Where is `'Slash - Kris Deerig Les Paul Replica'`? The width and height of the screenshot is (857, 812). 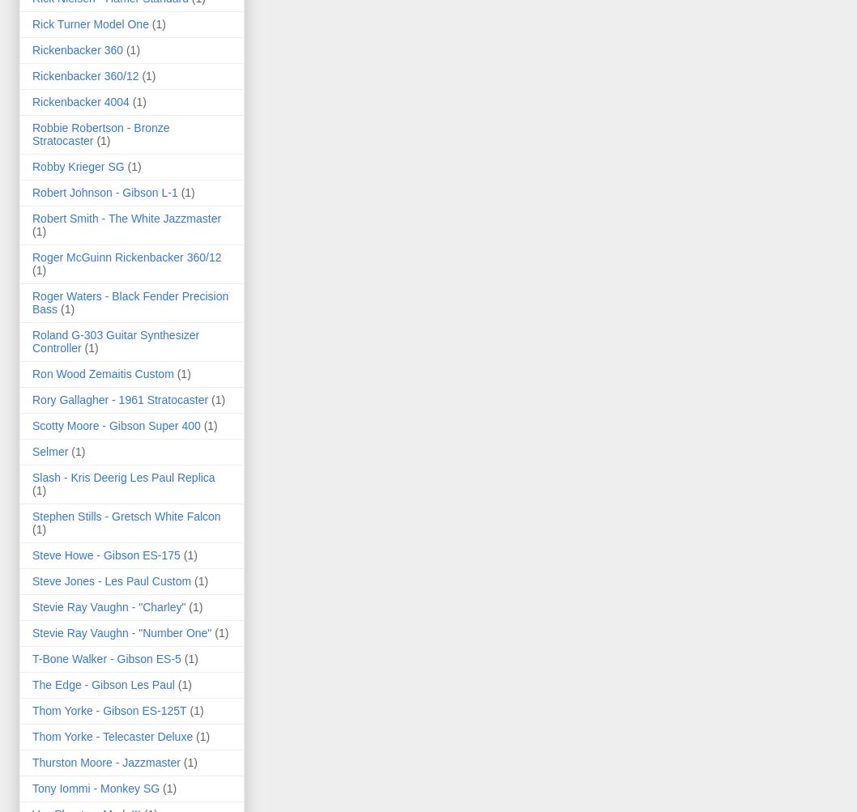 'Slash - Kris Deerig Les Paul Replica' is located at coordinates (32, 475).